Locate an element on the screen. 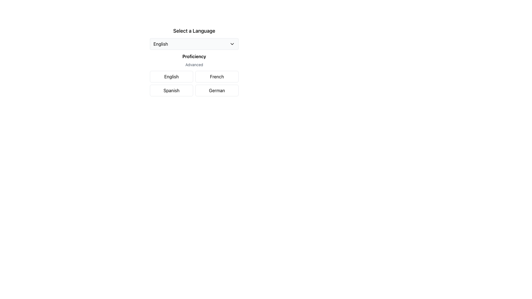  the static information display indicating the selected language proficiency level, which shows 'Proficiency: Advanced' is located at coordinates (194, 60).